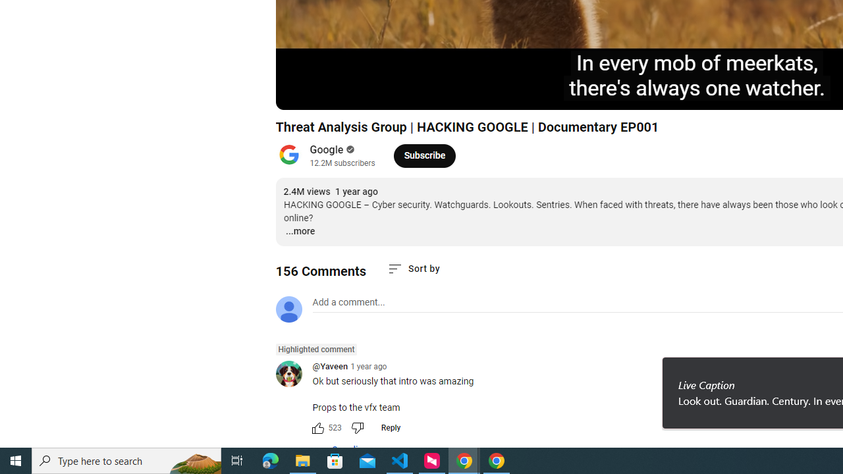 The height and width of the screenshot is (474, 843). Describe the element at coordinates (348, 302) in the screenshot. I see `'AutomationID: simplebox-placeholder'` at that location.